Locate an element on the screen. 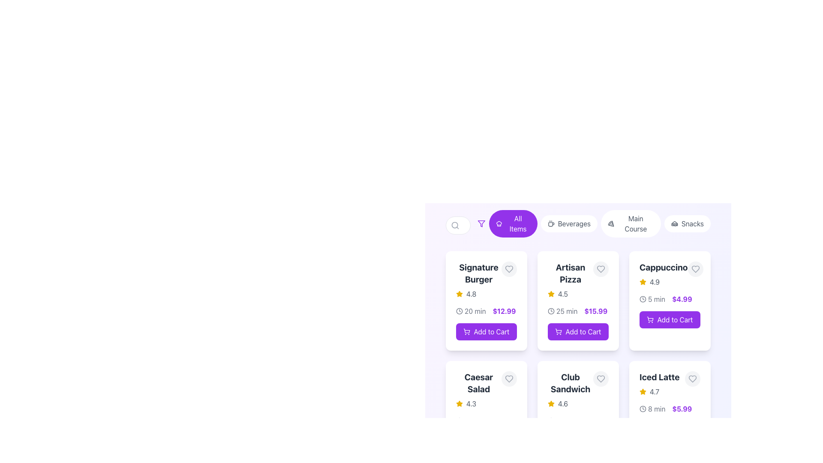 The width and height of the screenshot is (823, 463). the purple triangular filter icon located in the top navigation bar, which is grouped with the 'Filter' option is located at coordinates (481, 223).